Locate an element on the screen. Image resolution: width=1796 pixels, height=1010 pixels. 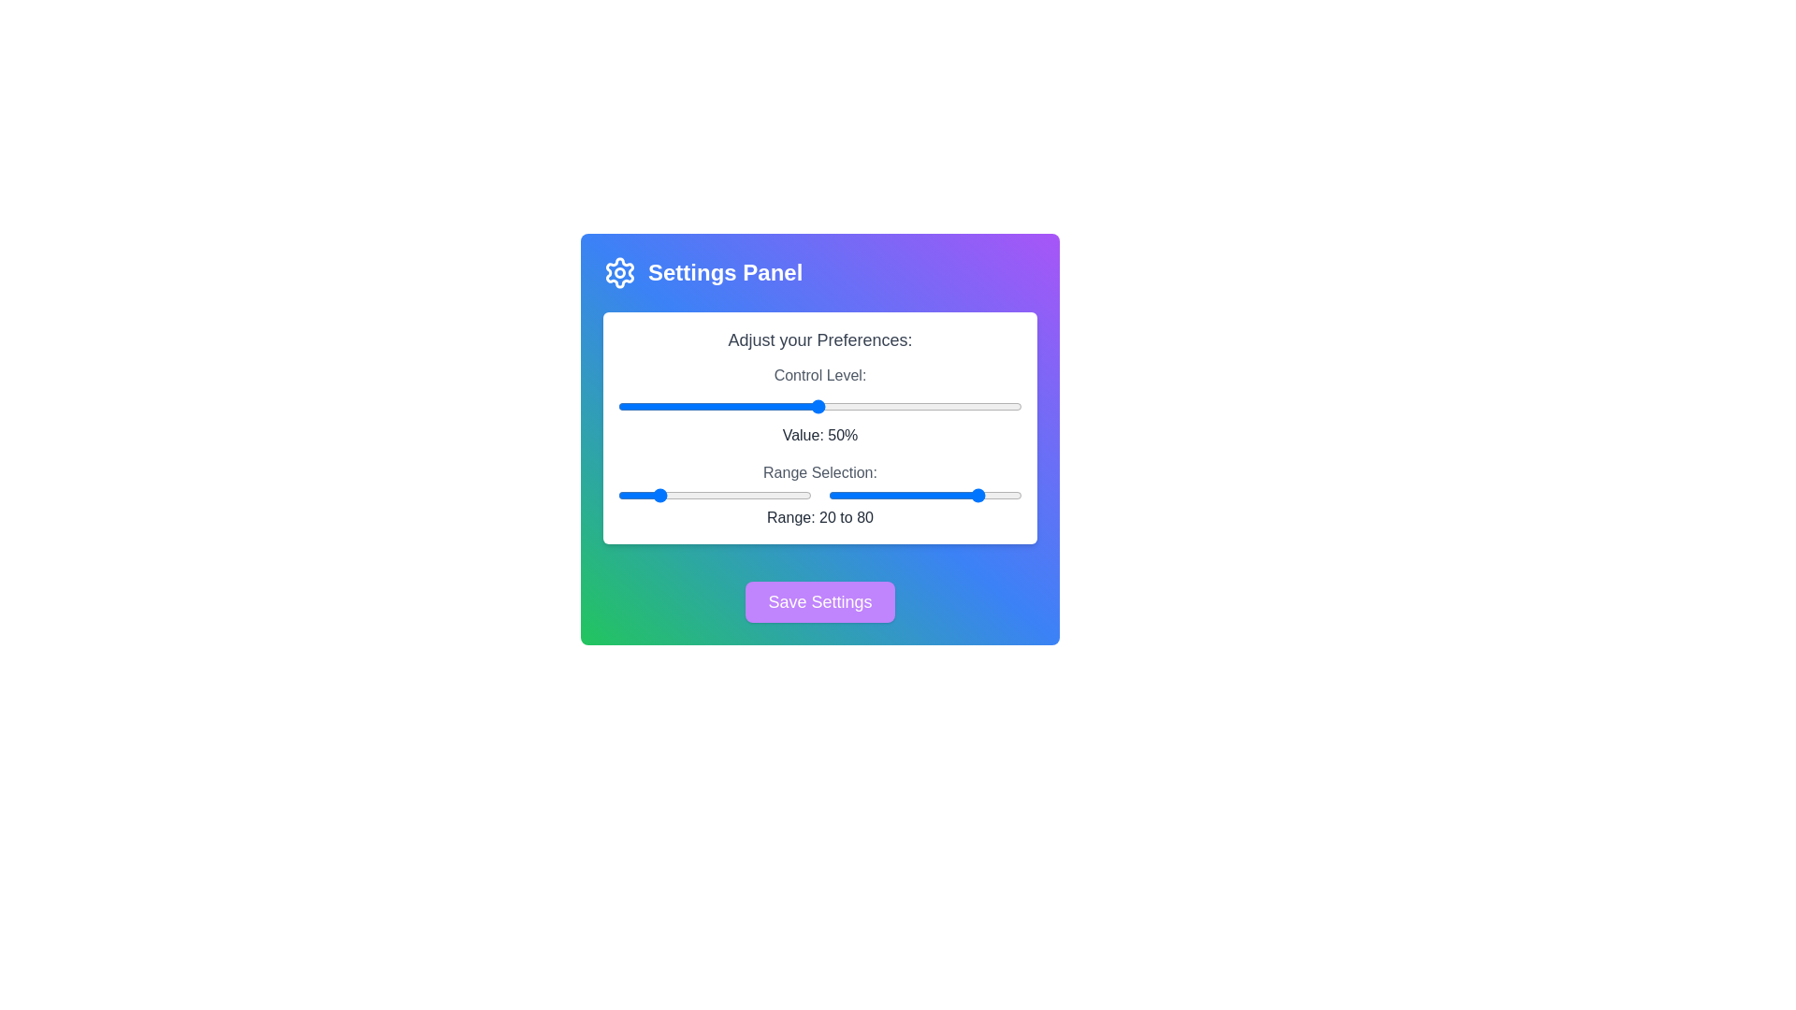
the slider is located at coordinates (667, 494).